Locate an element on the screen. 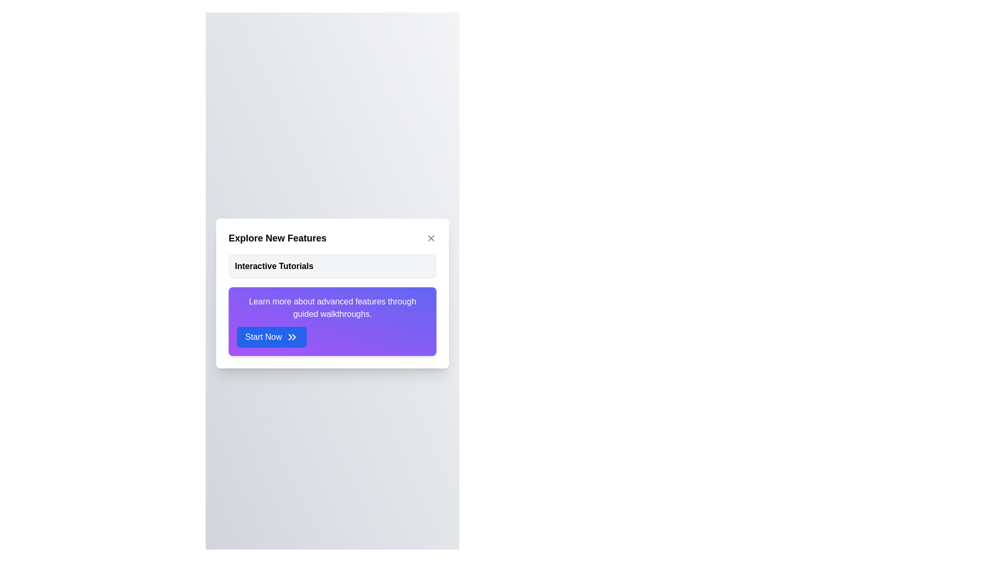 Image resolution: width=1000 pixels, height=562 pixels. the second chevron icon located at the bottom right corner of the 'Start Now' button in the purple panel, which indicates progression or navigation is located at coordinates (293, 337).